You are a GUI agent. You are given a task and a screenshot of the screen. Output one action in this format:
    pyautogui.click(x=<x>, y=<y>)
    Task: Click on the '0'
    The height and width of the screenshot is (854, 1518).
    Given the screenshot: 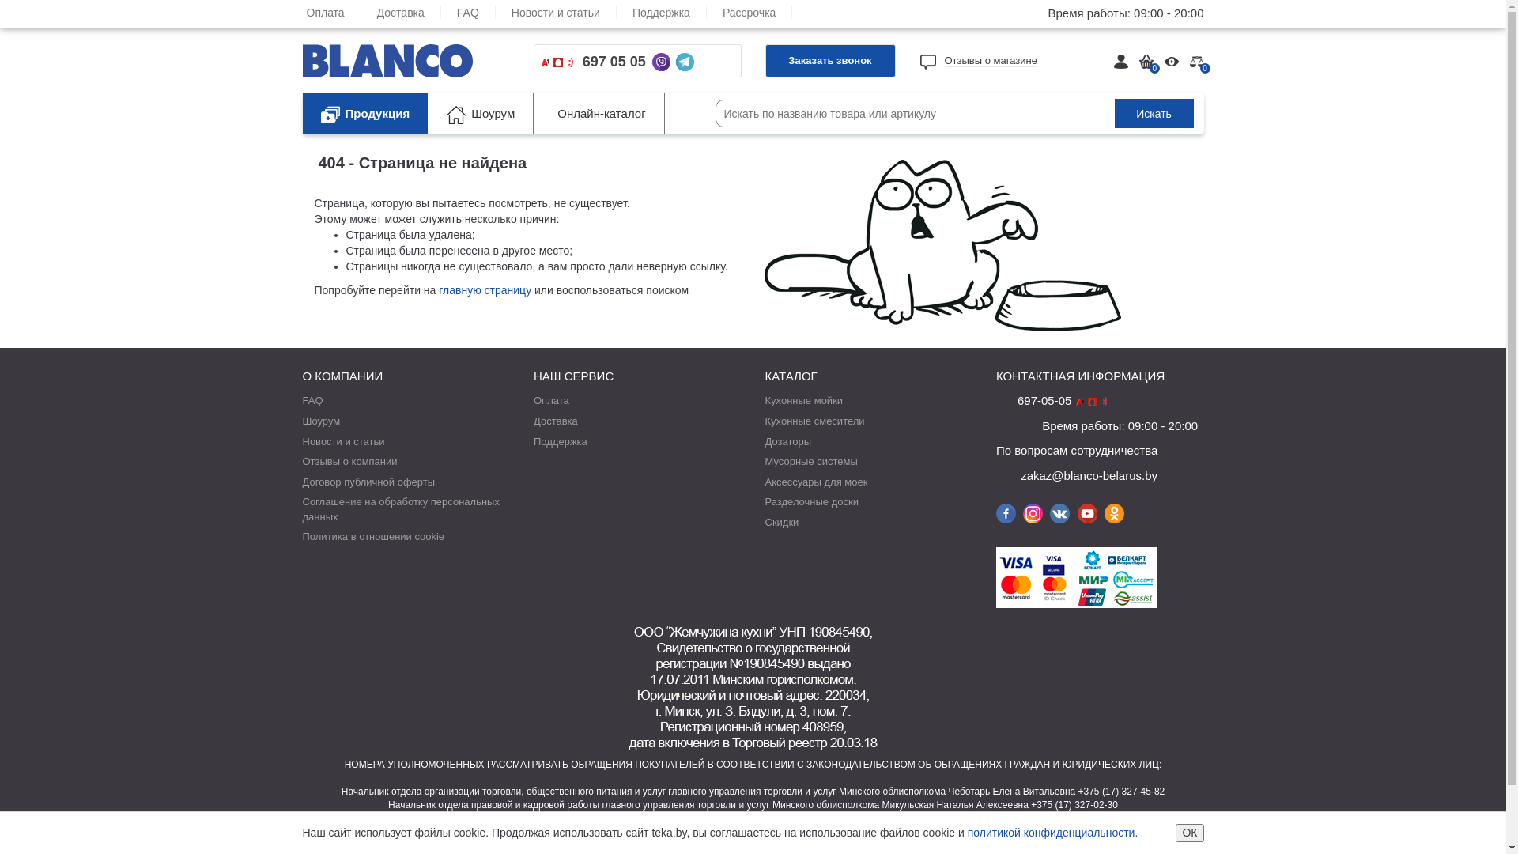 What is the action you would take?
    pyautogui.click(x=1138, y=60)
    